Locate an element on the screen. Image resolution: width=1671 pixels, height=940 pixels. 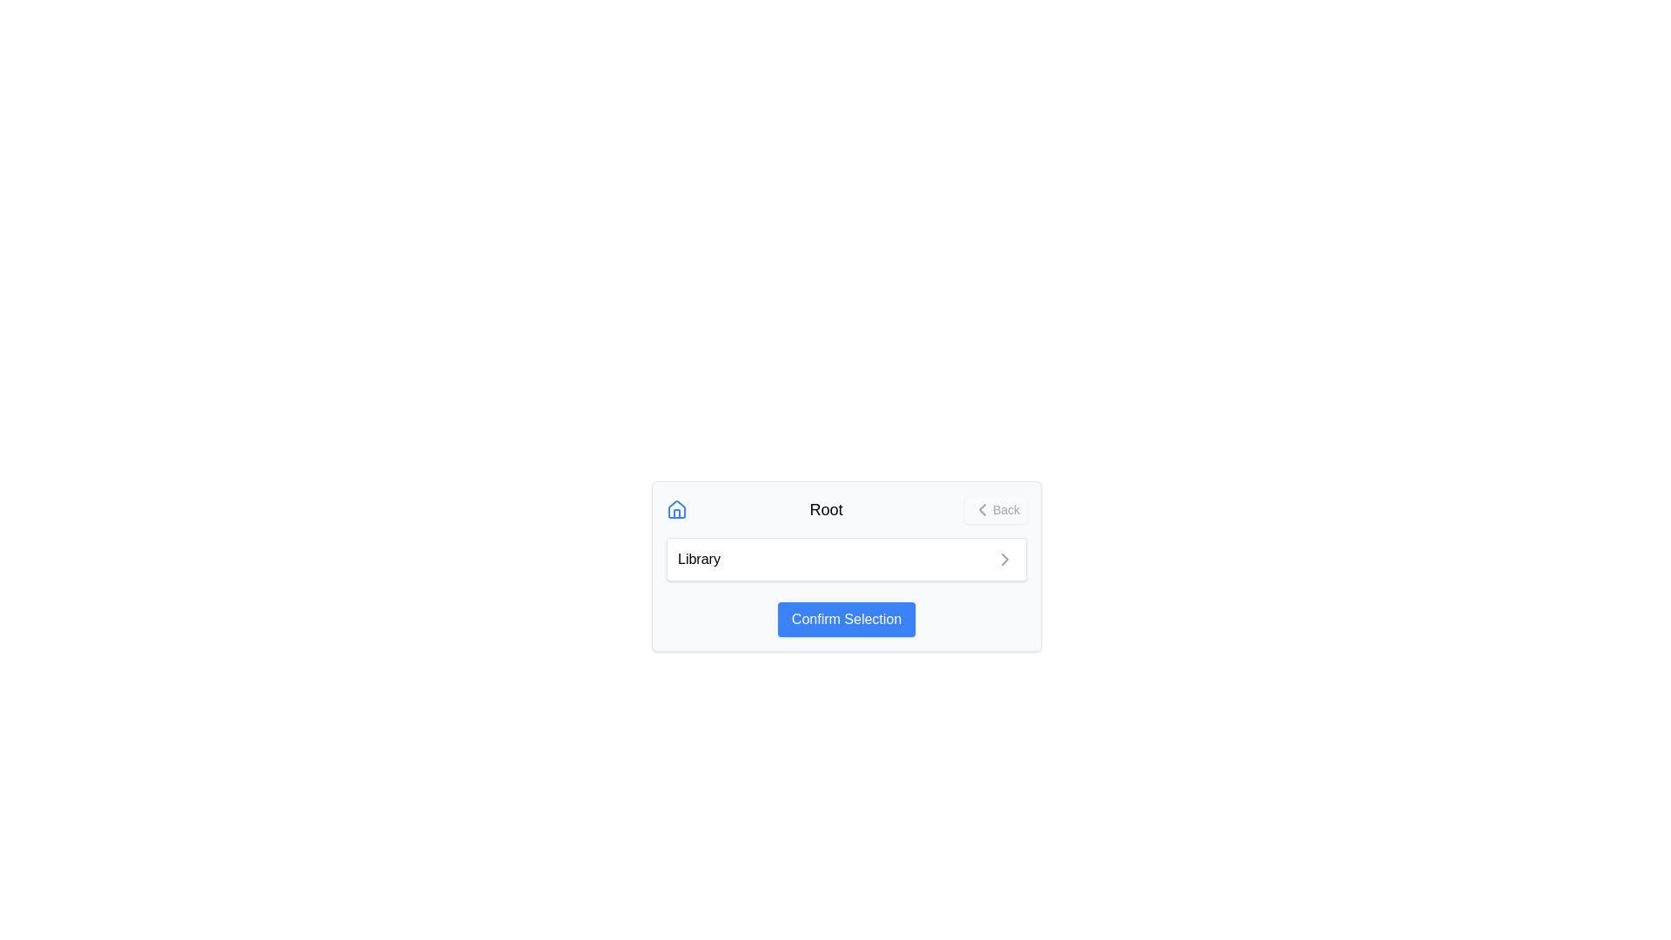
the blue house-shaped icon located to the left of the text 'Root' is located at coordinates (675, 509).